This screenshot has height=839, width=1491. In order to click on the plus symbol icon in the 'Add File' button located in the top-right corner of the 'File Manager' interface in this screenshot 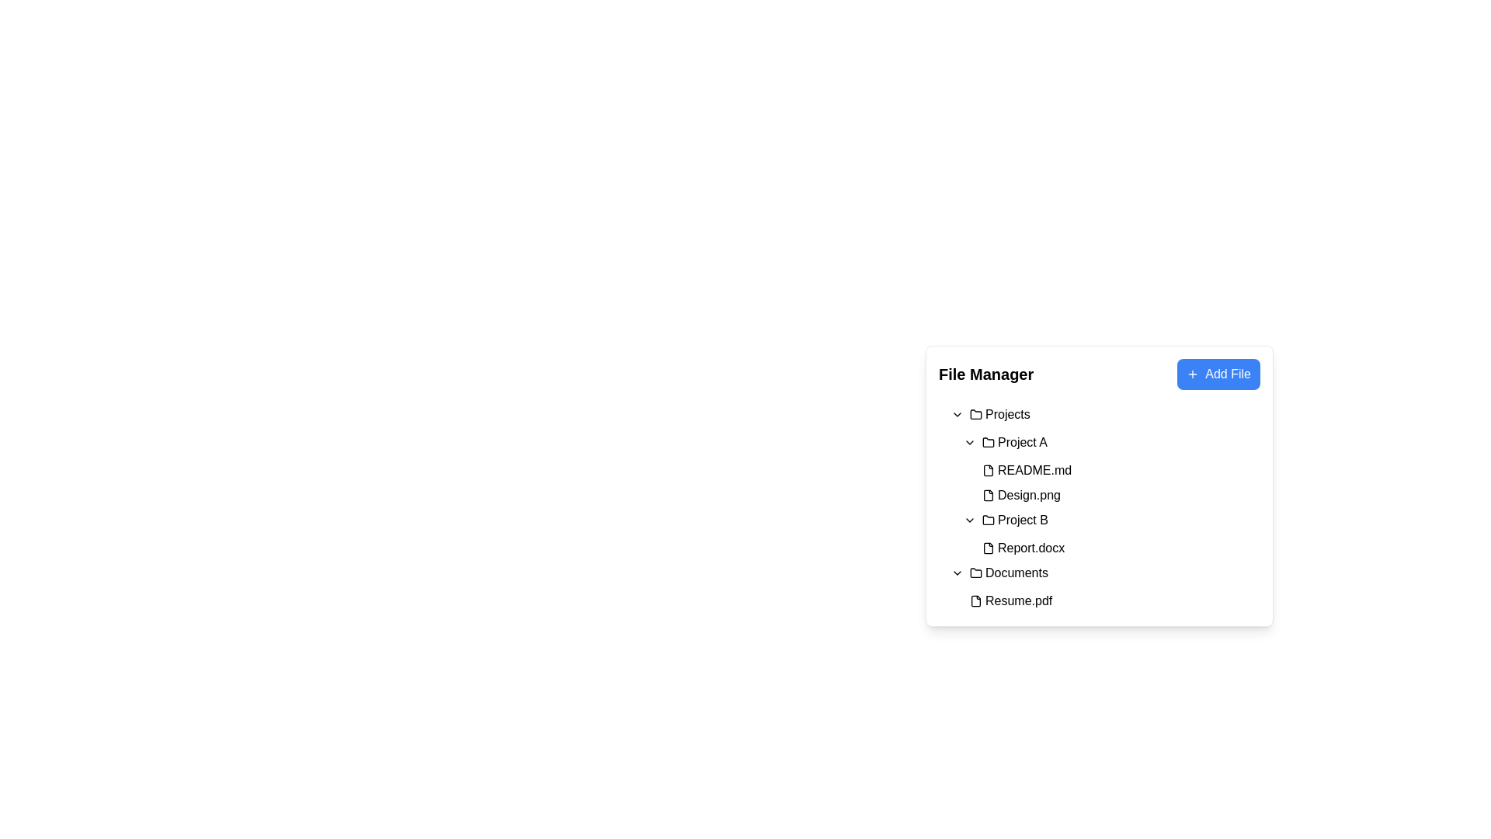, I will do `click(1192, 374)`.